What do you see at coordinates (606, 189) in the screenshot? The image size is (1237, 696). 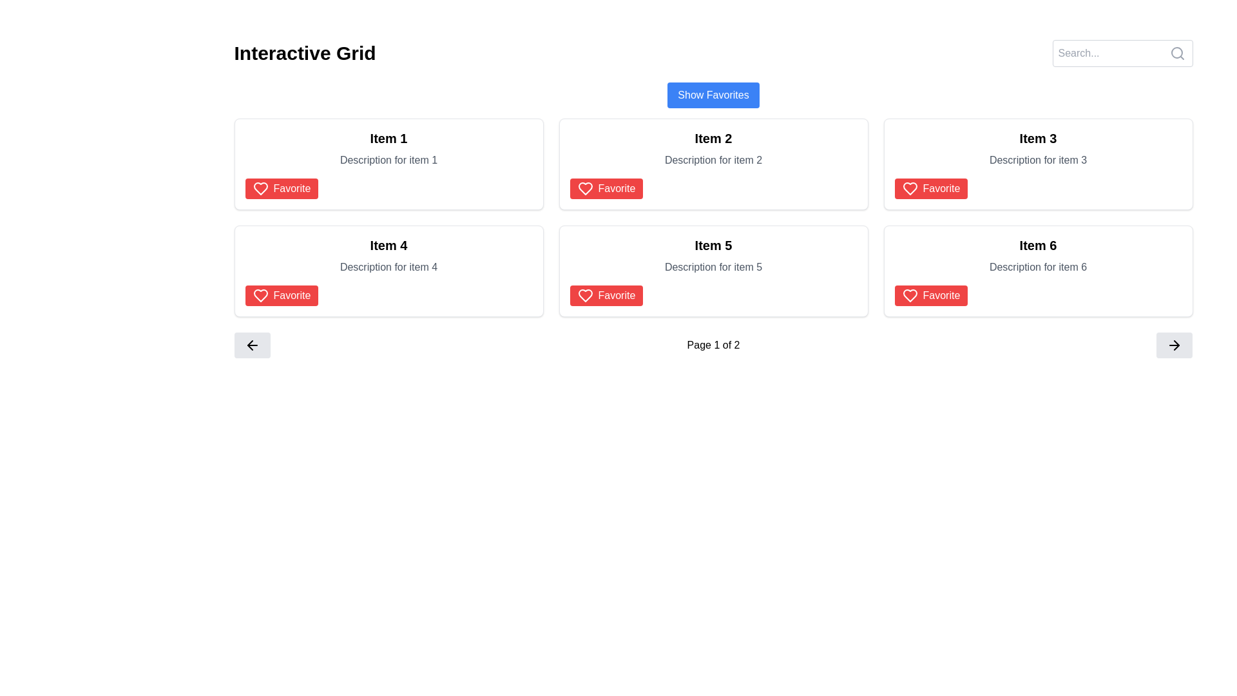 I see `the 'Favorite' button with a red background and white text located at the bottom of 'Item 2' card` at bounding box center [606, 189].